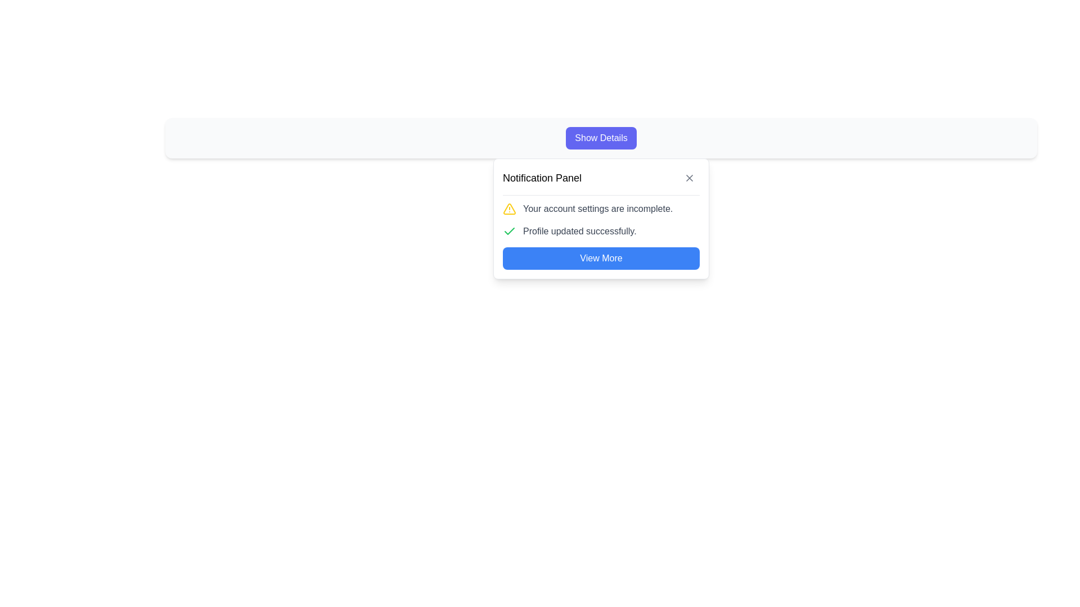 This screenshot has height=607, width=1080. What do you see at coordinates (542, 177) in the screenshot?
I see `the Text Label at the top-left corner of the notification card header, which serves as the title or heading for context` at bounding box center [542, 177].